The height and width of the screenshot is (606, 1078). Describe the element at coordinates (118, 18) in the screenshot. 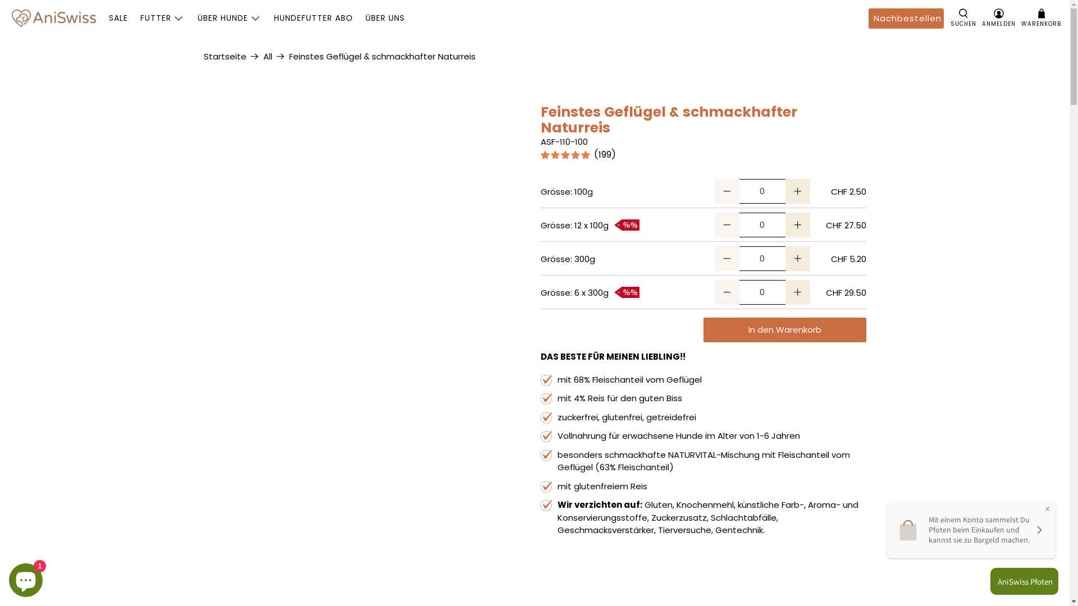

I see `'SALE'` at that location.